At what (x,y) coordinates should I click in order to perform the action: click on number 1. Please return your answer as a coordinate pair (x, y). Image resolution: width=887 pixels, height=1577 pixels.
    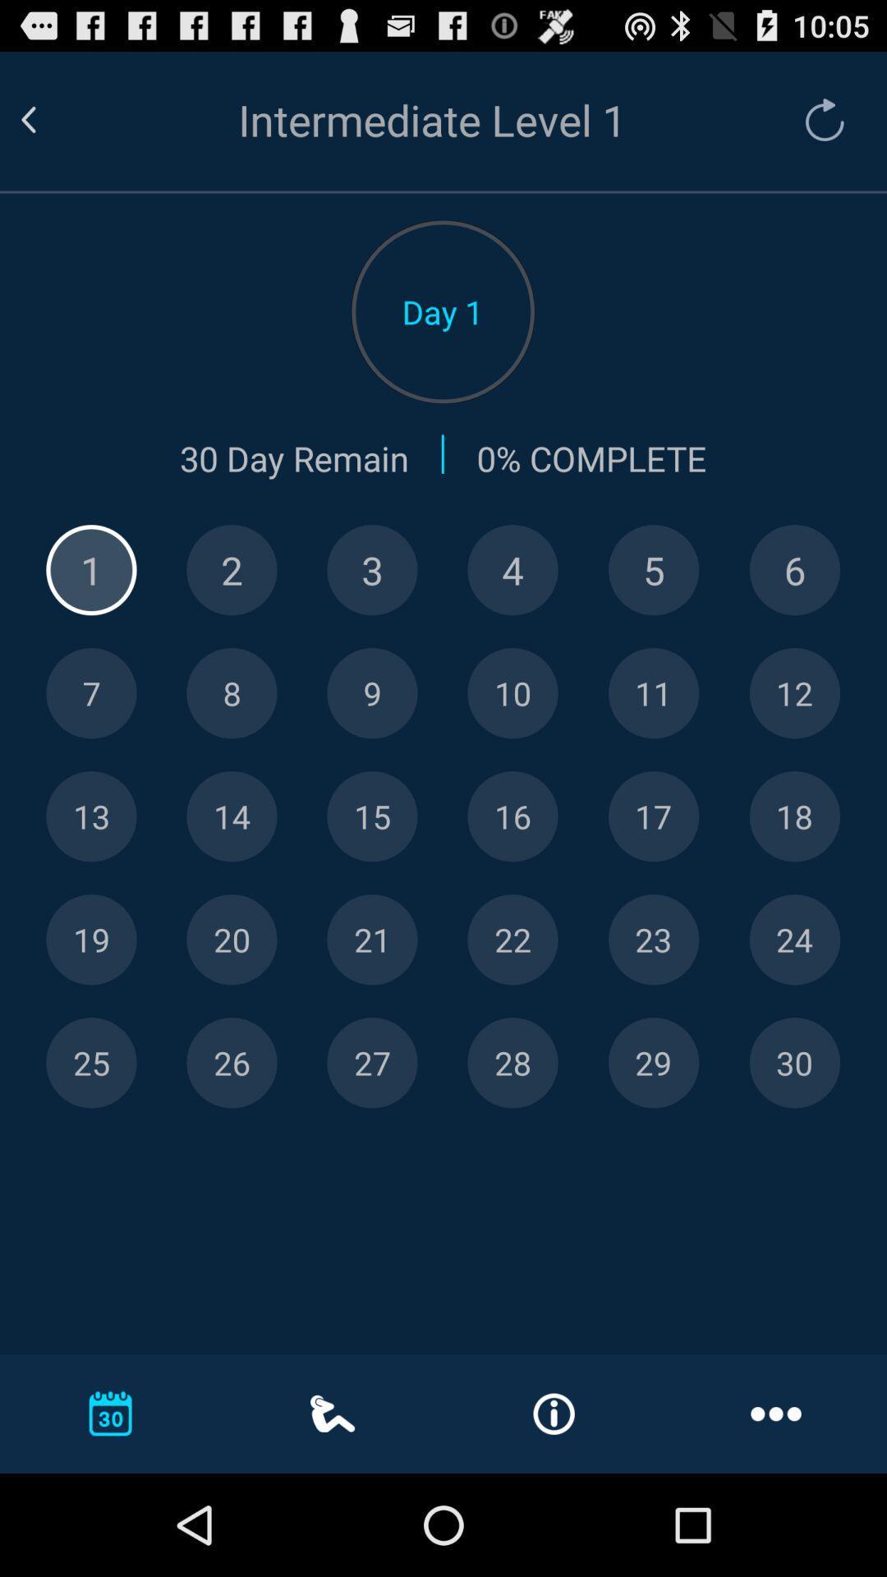
    Looking at the image, I should click on (91, 570).